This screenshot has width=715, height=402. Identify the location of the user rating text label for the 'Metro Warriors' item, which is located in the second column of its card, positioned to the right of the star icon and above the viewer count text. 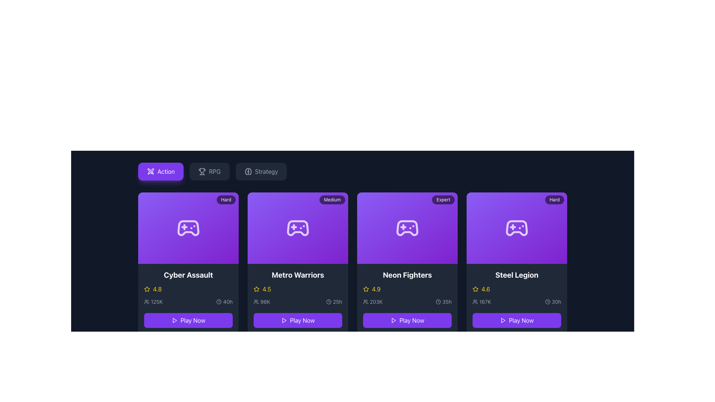
(267, 288).